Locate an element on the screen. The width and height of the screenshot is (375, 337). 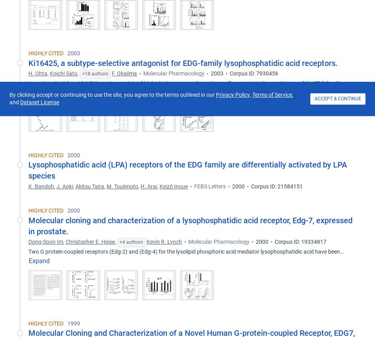
'M. Tsujimoto' is located at coordinates (122, 186).